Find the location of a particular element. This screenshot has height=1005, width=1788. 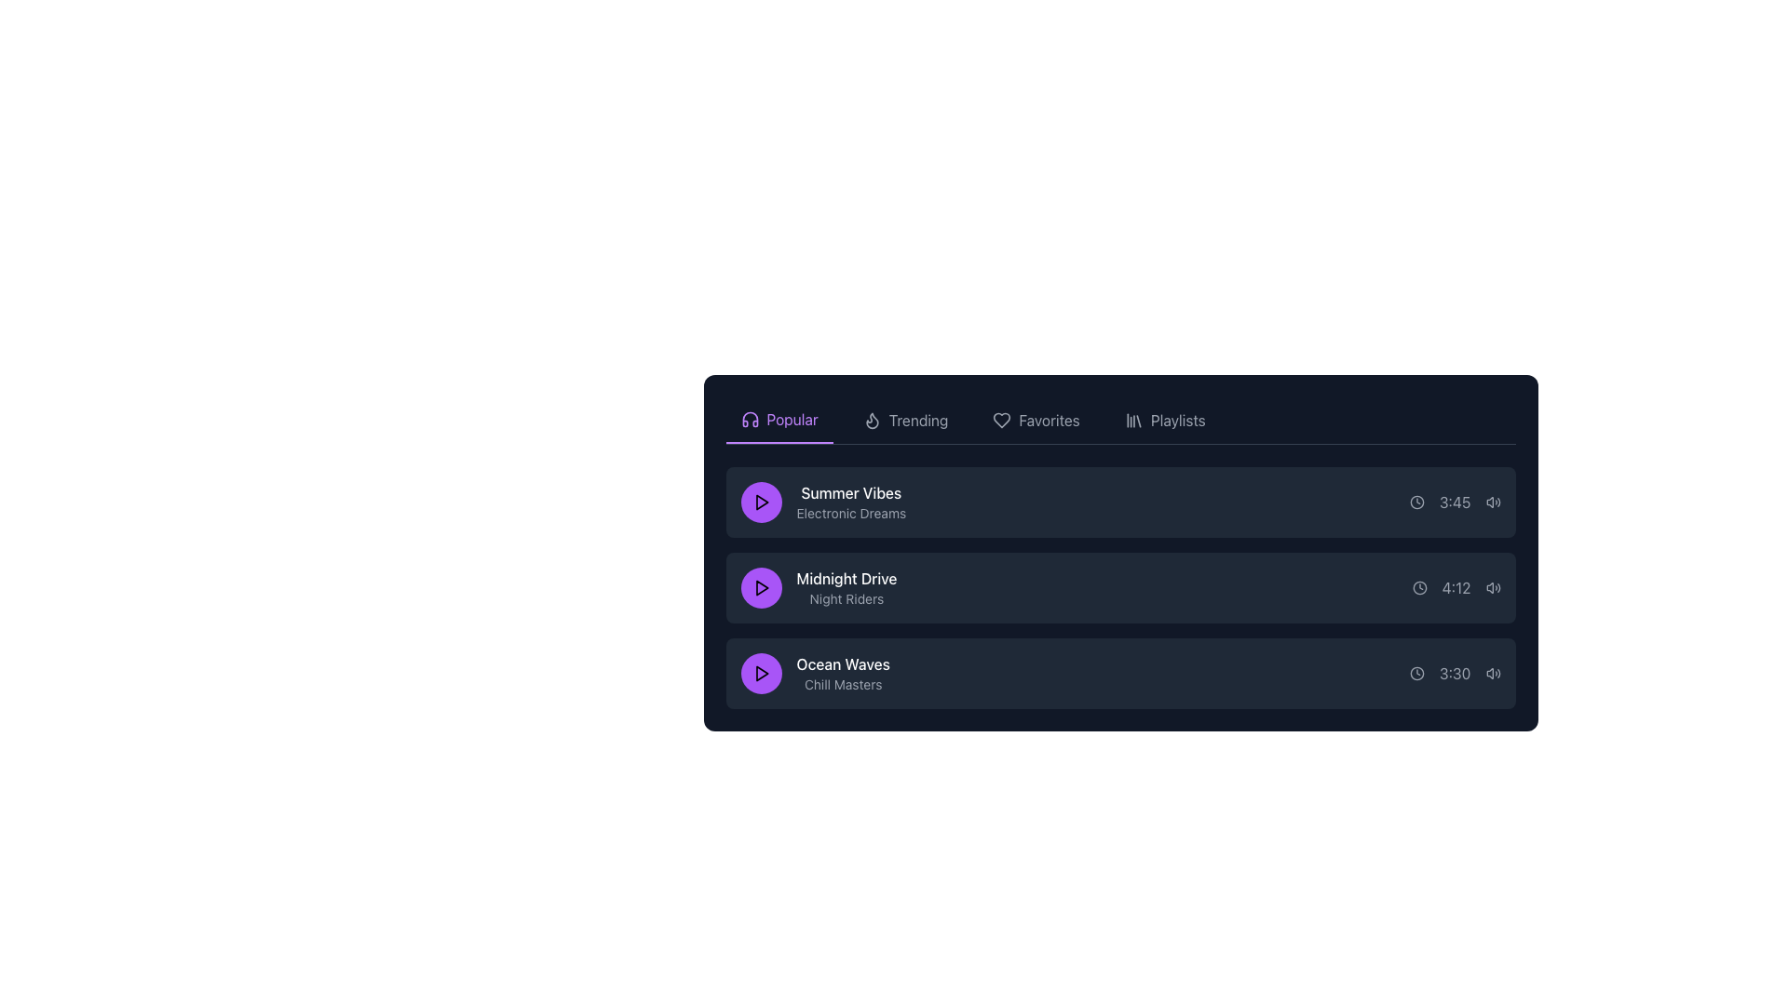

the 'Trending' tab, which is the second tab in the navigation row is located at coordinates (905, 420).